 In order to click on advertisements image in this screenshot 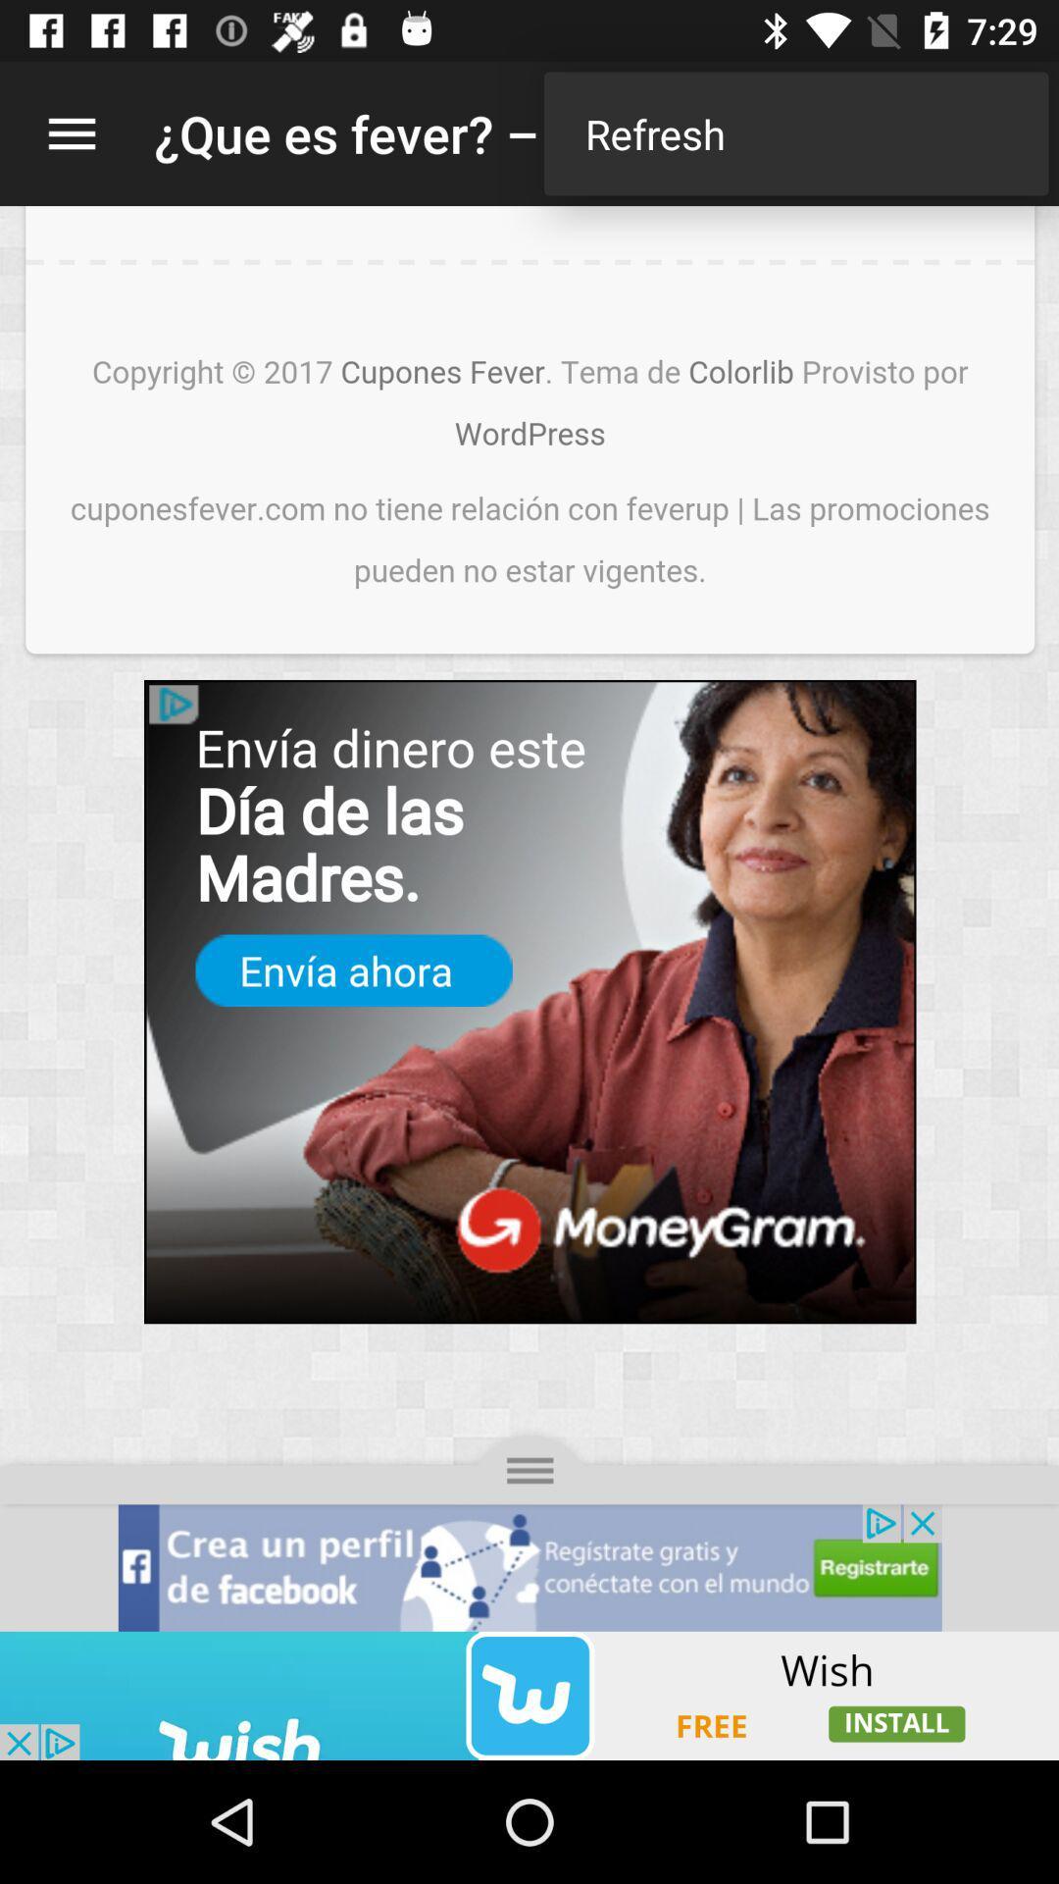, I will do `click(529, 1695)`.